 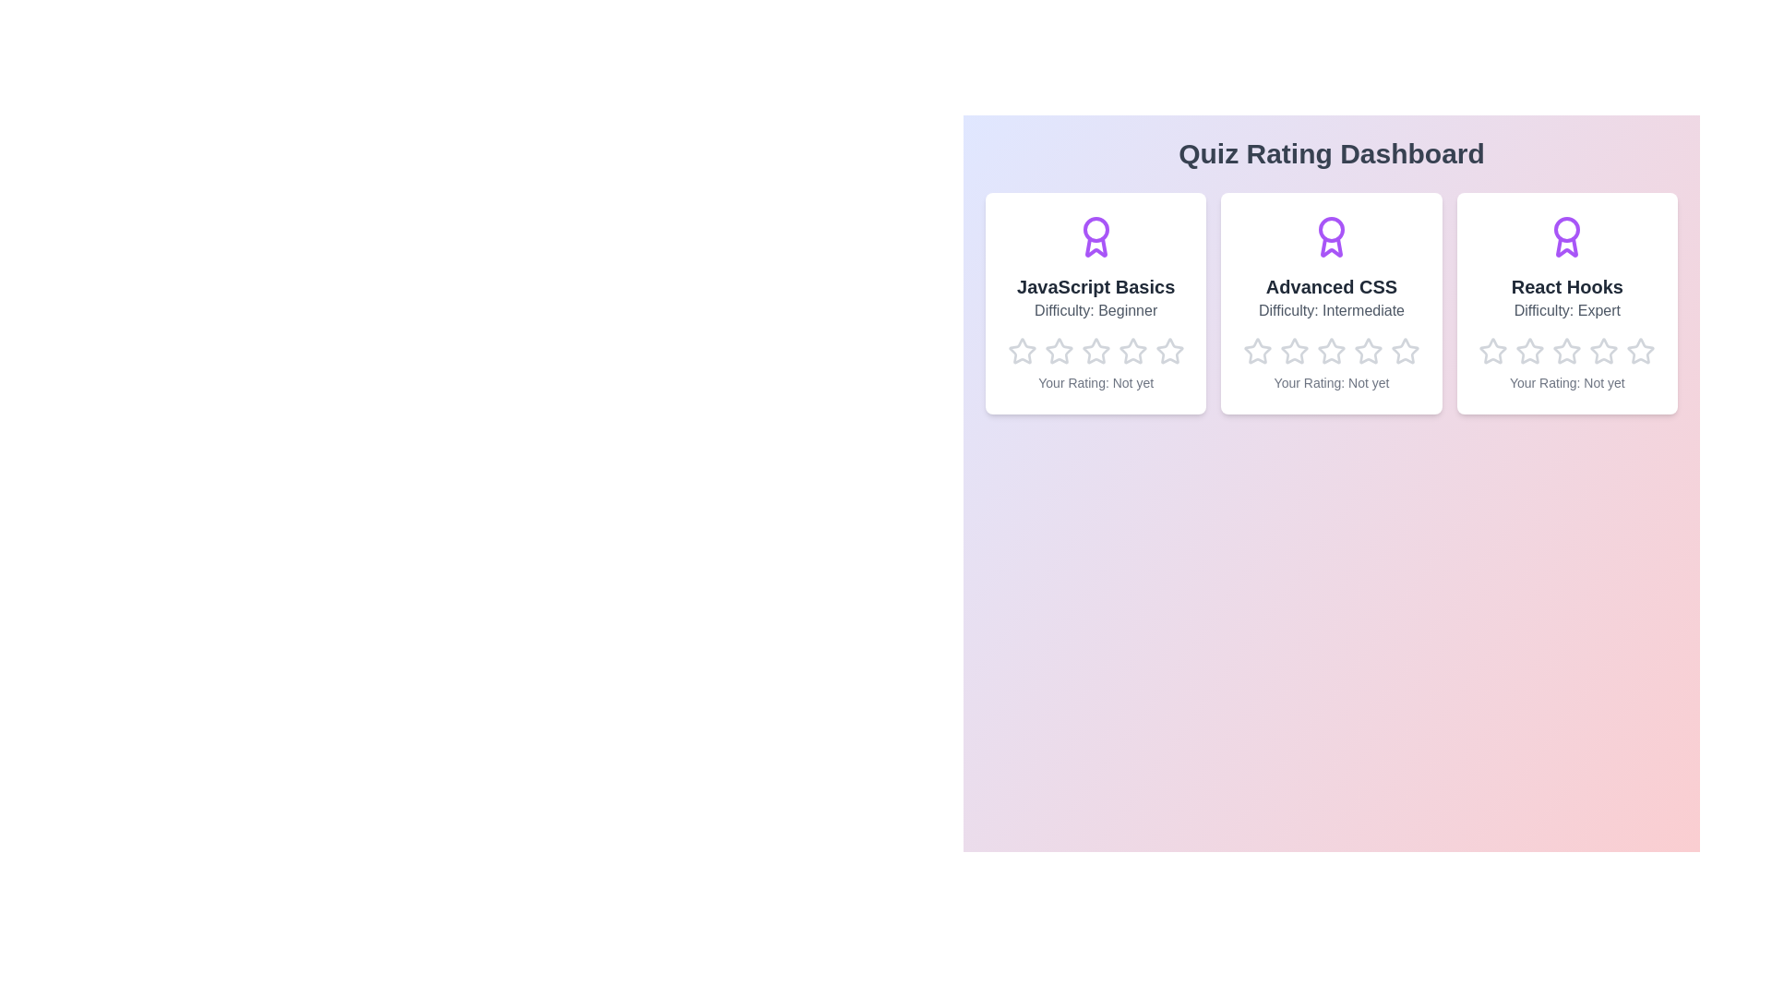 What do you see at coordinates (1021, 352) in the screenshot?
I see `the rating for a quiz to 1 stars` at bounding box center [1021, 352].